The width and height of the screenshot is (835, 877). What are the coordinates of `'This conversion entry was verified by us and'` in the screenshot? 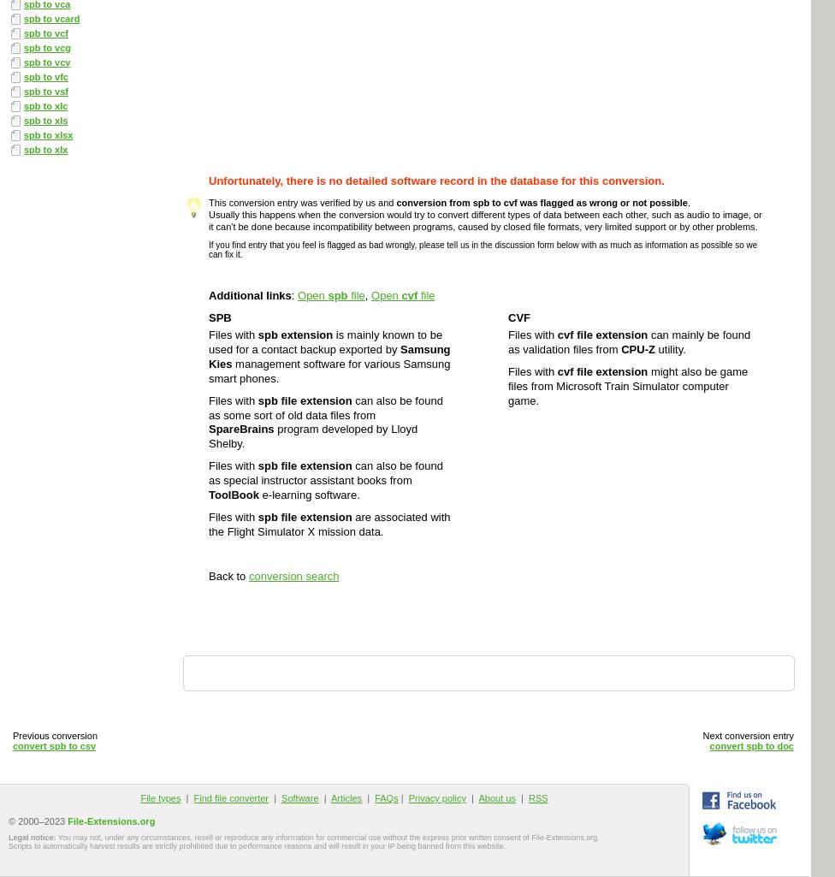 It's located at (302, 200).